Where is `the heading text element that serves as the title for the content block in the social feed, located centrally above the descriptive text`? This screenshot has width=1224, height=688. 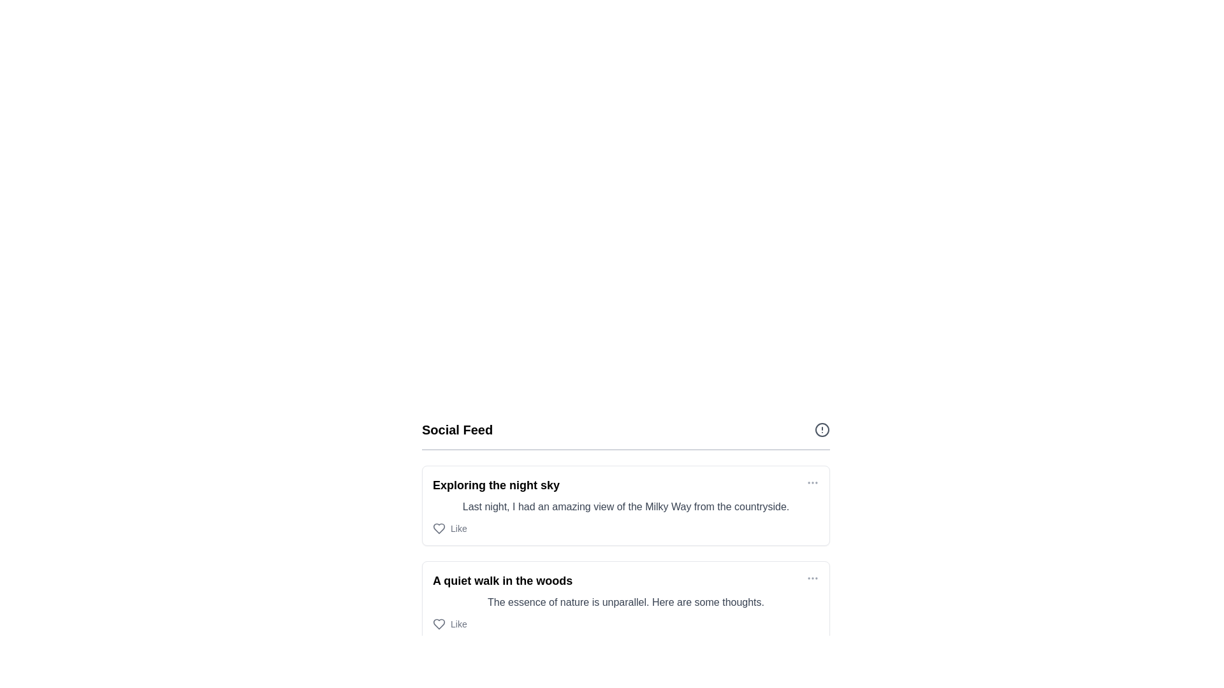 the heading text element that serves as the title for the content block in the social feed, located centrally above the descriptive text is located at coordinates (495, 485).